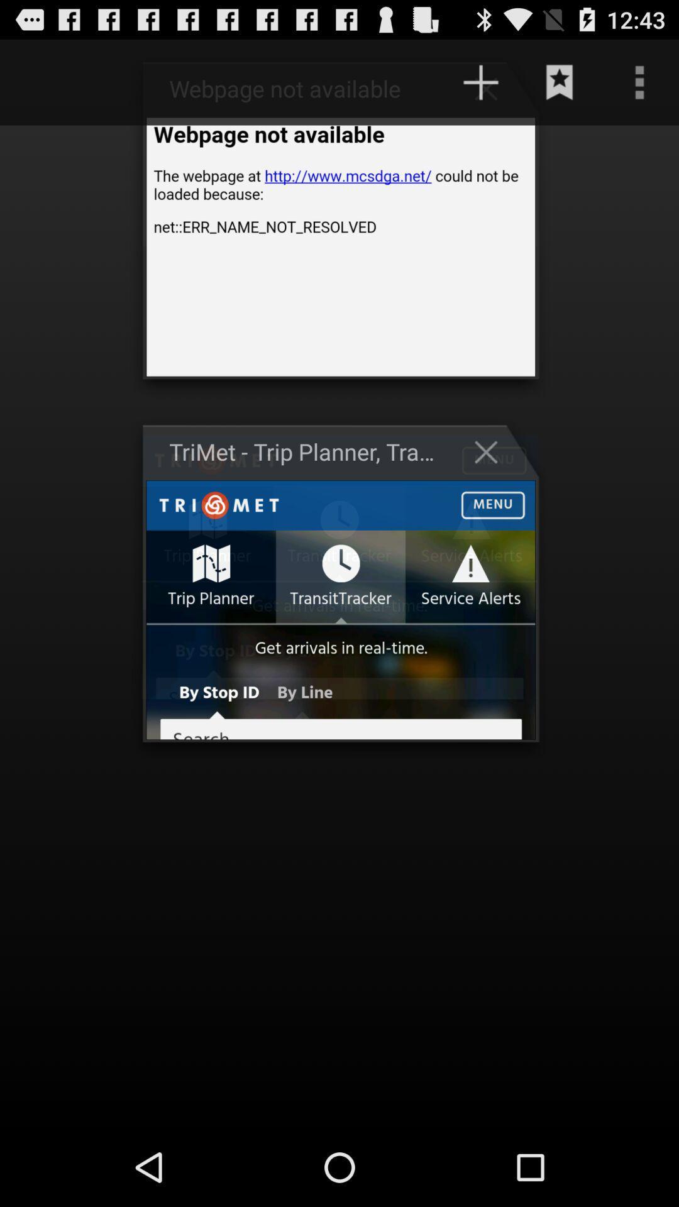 Image resolution: width=679 pixels, height=1207 pixels. Describe the element at coordinates (560, 87) in the screenshot. I see `the bookmark icon` at that location.